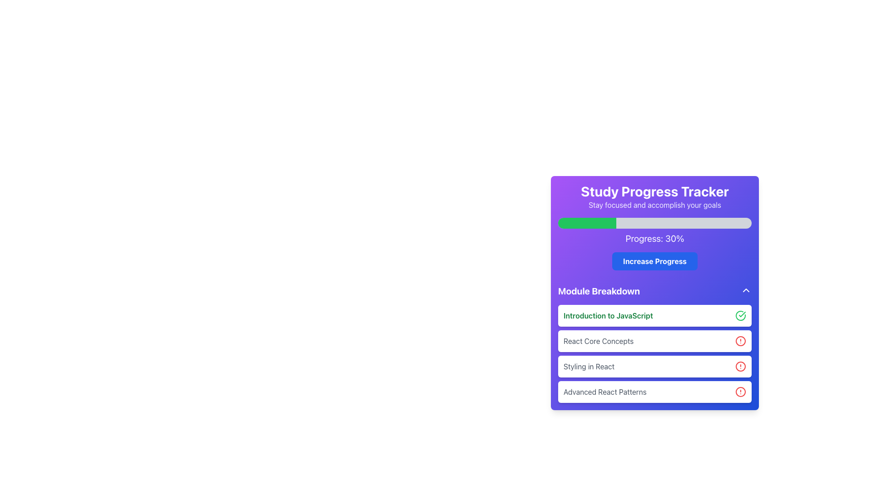  What do you see at coordinates (654, 205) in the screenshot?
I see `the static text element that reads 'Stay focused and accomplish your goals,' which is located beneath the 'Study Progress Tracker' heading in a purple background section` at bounding box center [654, 205].